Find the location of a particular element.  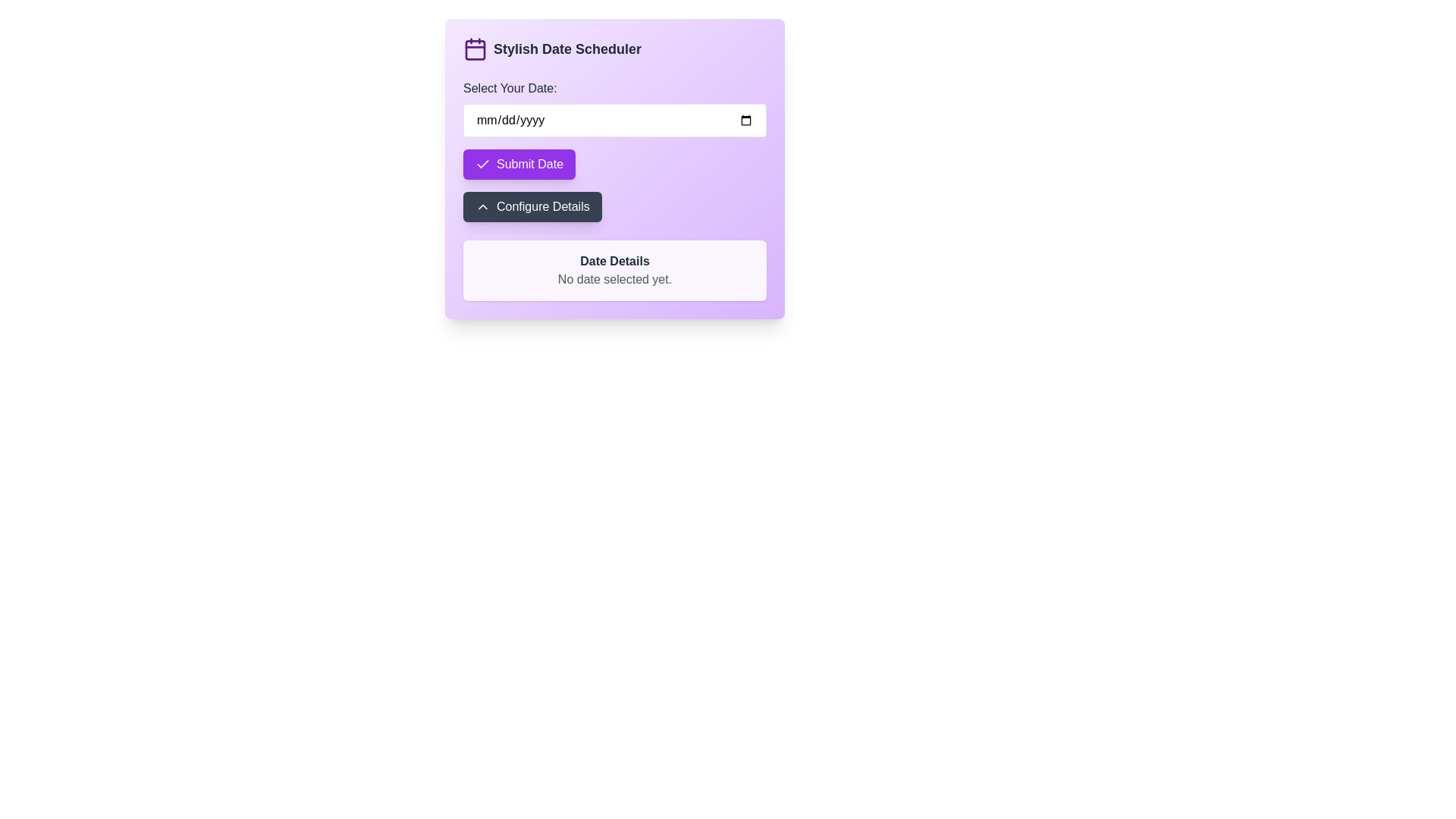

the visual indication of the checkmark icon styled with a purple background, located within the Submit Date button, to the left of the button's text 'Submit Date' is located at coordinates (482, 164).